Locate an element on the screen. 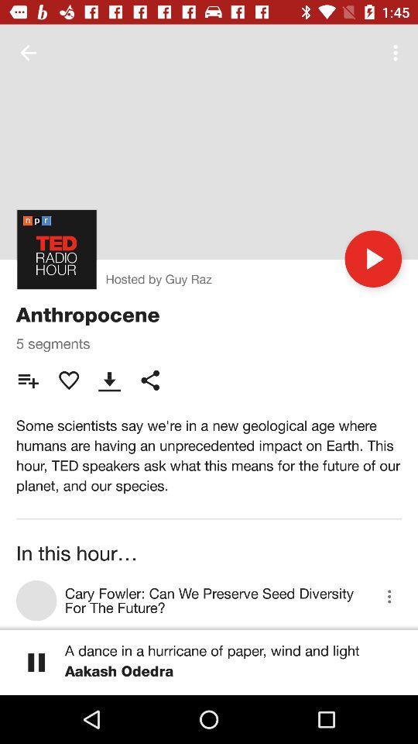 The image size is (418, 744). the play icon is located at coordinates (372, 259).